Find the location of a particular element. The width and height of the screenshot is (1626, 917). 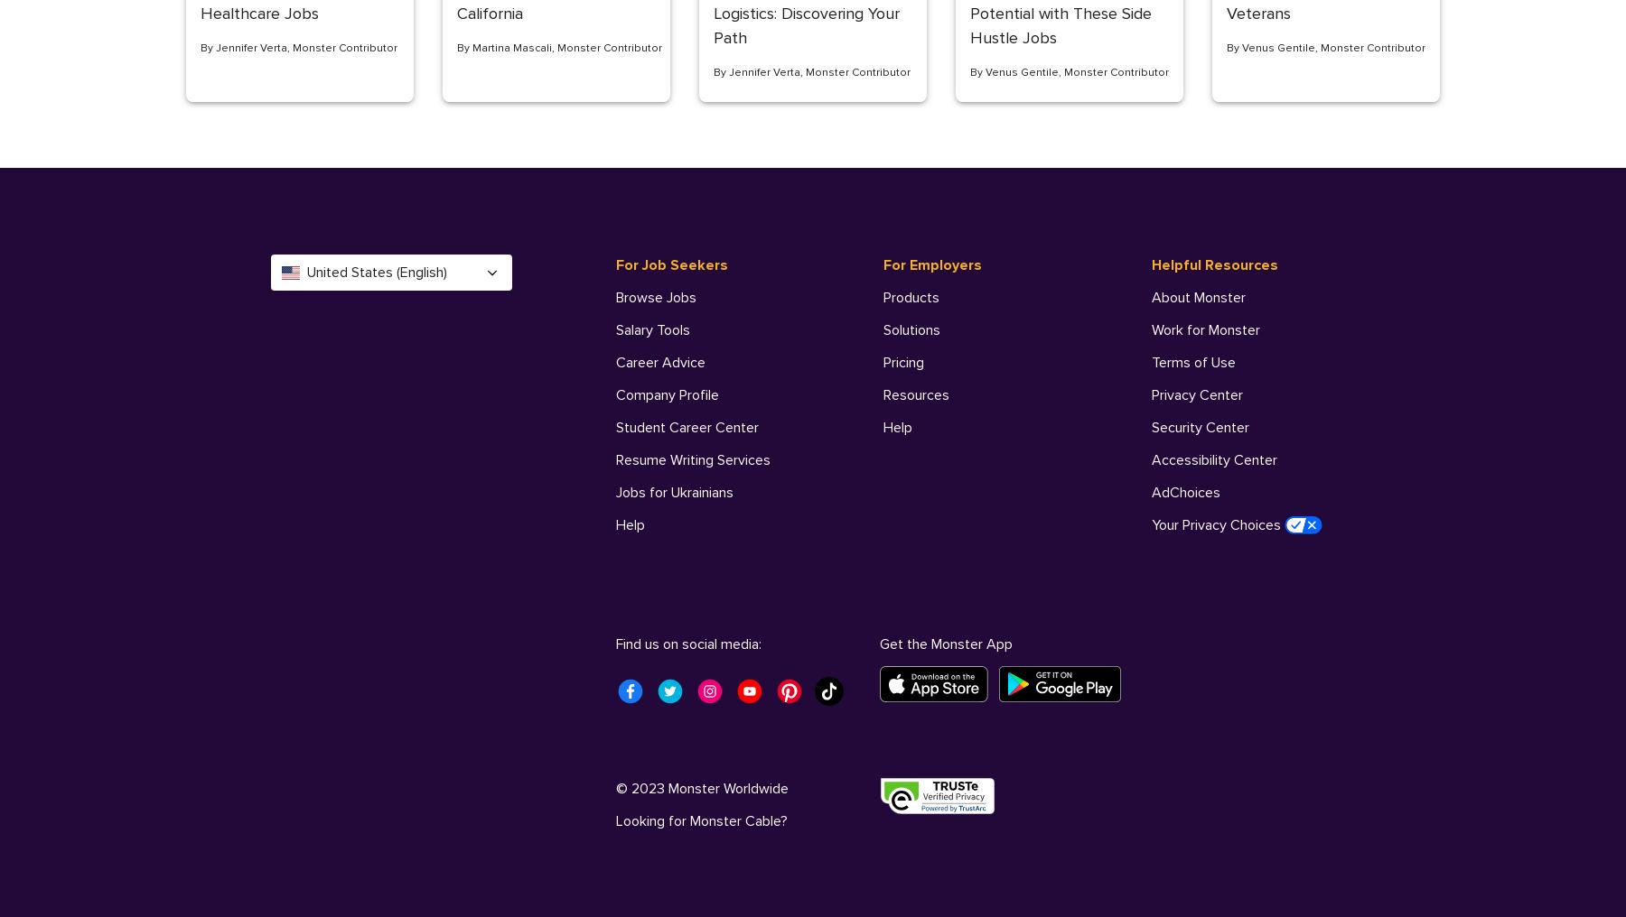

'Your Privacy Choices' is located at coordinates (1216, 524).